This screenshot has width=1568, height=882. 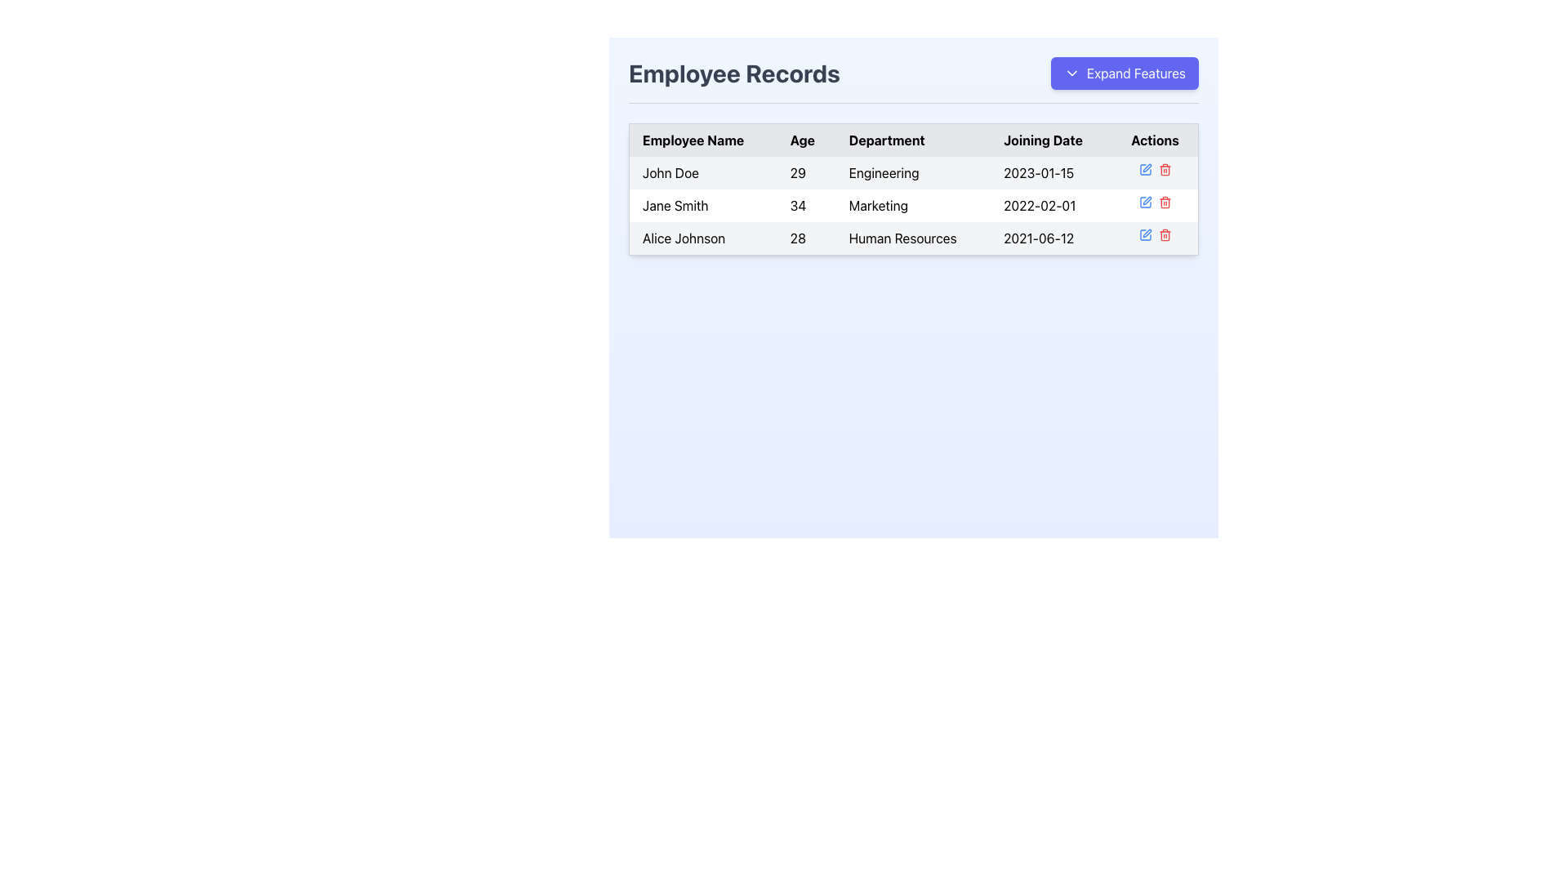 What do you see at coordinates (1145, 167) in the screenshot?
I see `the pen icon in the Actions column for the employee Jane Smith` at bounding box center [1145, 167].